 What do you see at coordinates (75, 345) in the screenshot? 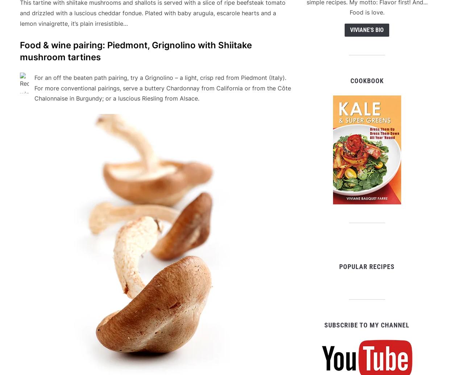
I see `'Grilling'` at bounding box center [75, 345].